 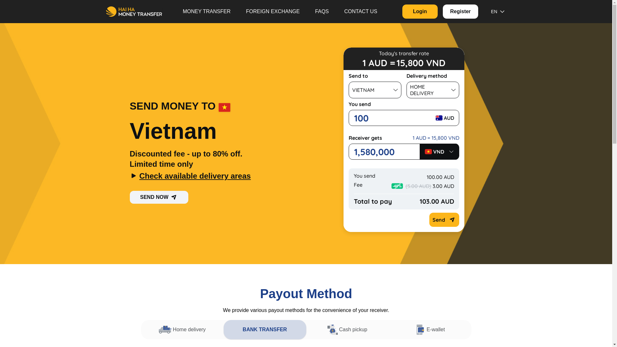 What do you see at coordinates (460, 11) in the screenshot?
I see `'Register'` at bounding box center [460, 11].